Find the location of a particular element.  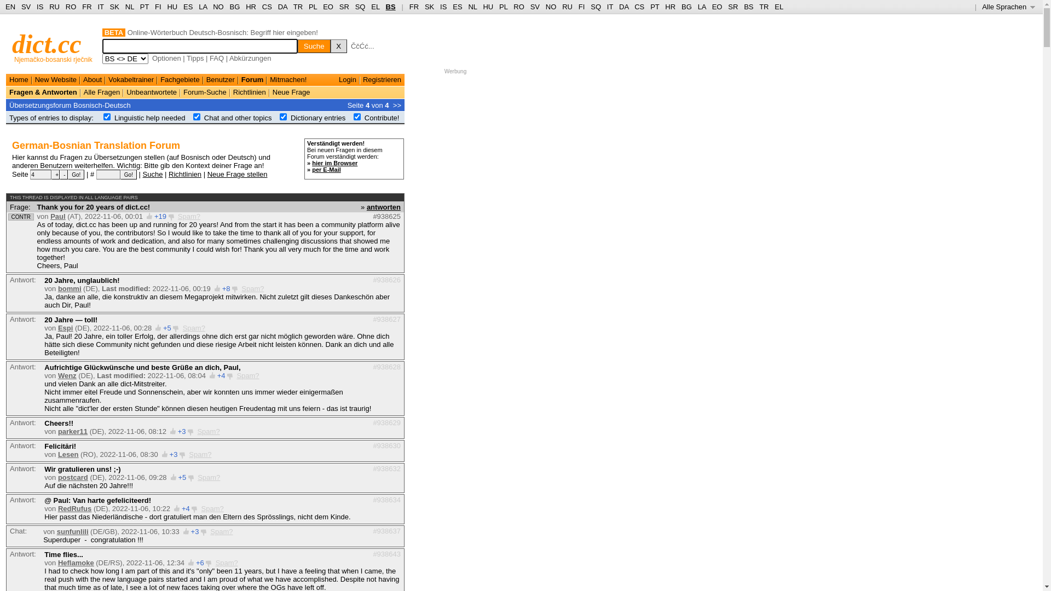

'FAQ' is located at coordinates (216, 58).